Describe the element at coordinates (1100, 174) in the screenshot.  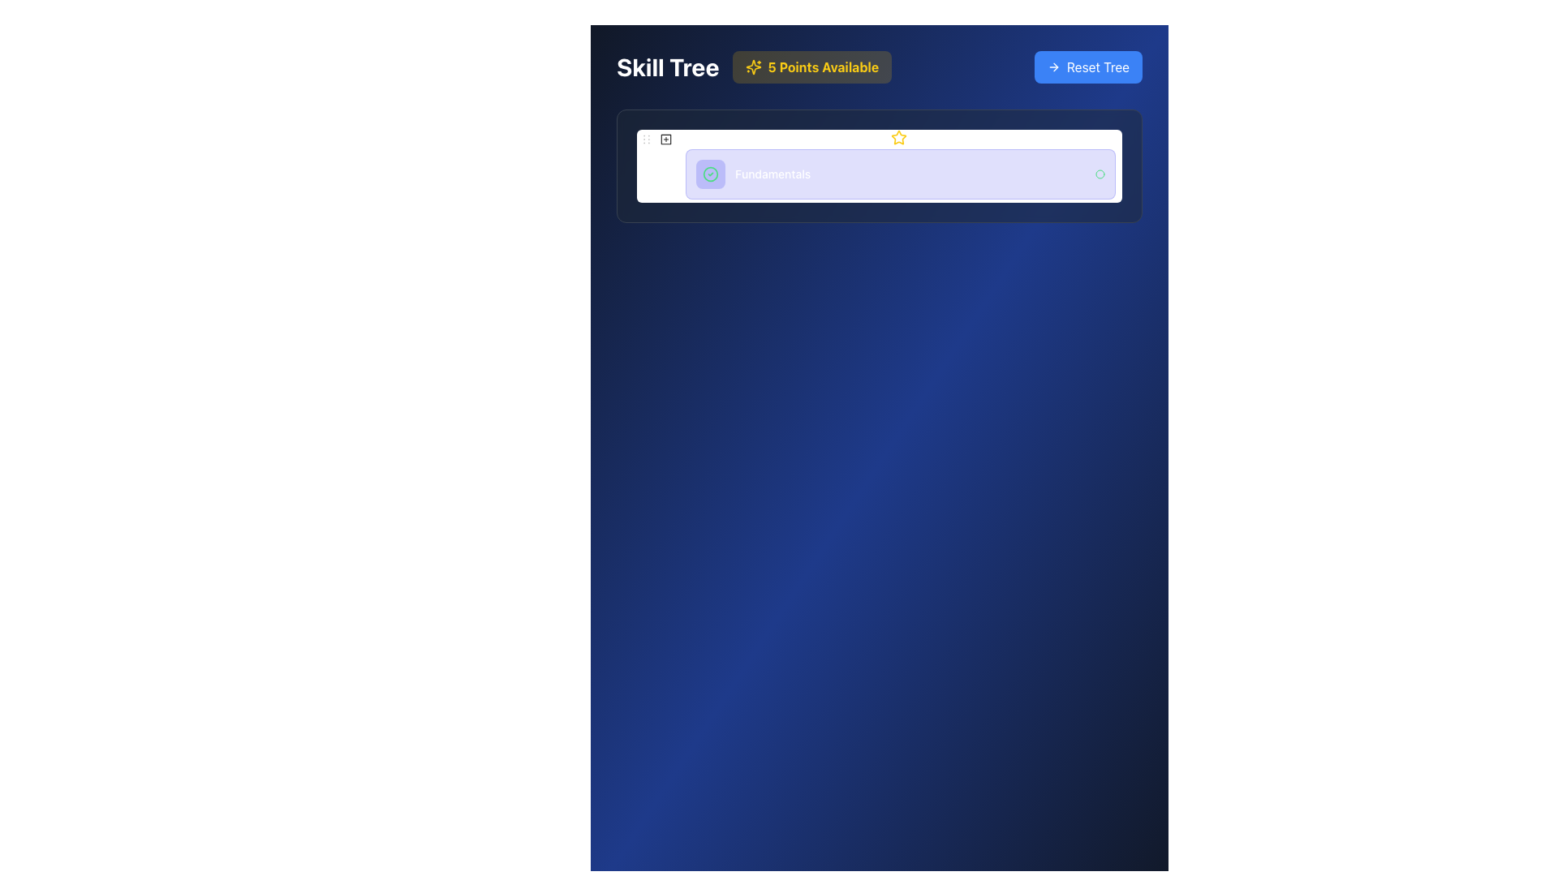
I see `the small circular icon with a green outline located at the far right side of the box labeled 'Fundamentals.'` at that location.